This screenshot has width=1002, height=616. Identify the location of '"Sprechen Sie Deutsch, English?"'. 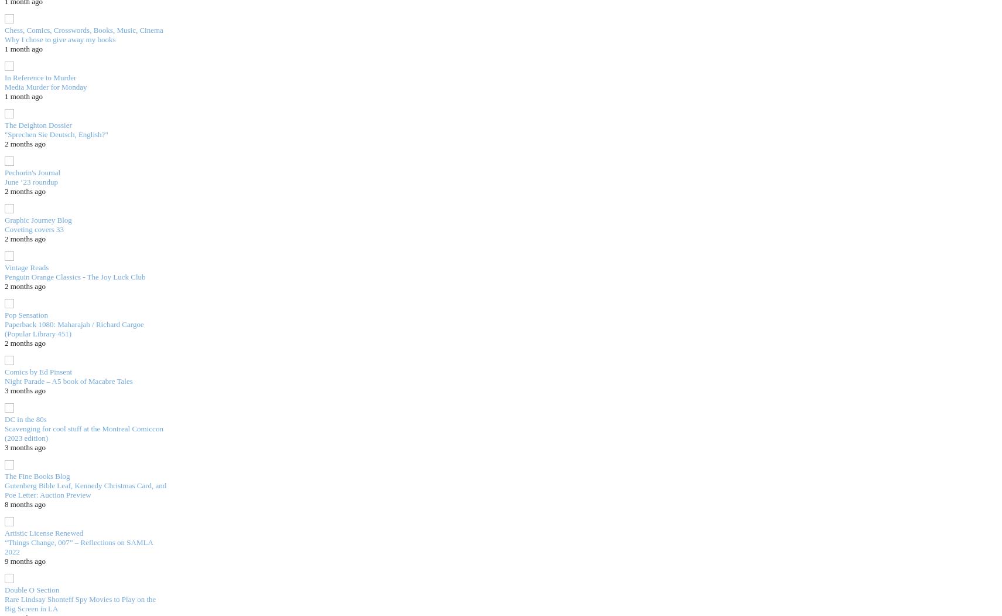
(55, 133).